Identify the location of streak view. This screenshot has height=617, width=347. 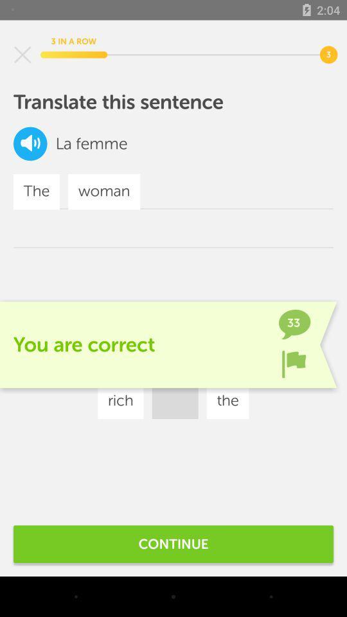
(22, 55).